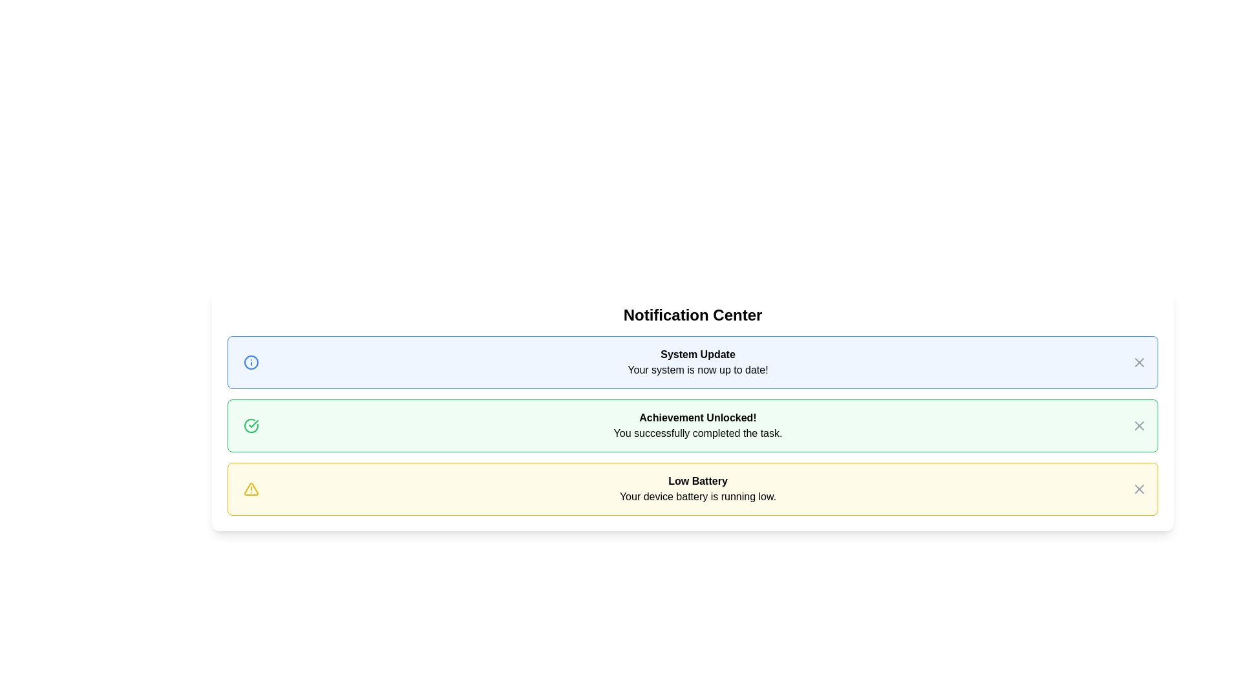  Describe the element at coordinates (251, 426) in the screenshot. I see `the visual representation of notification type success` at that location.